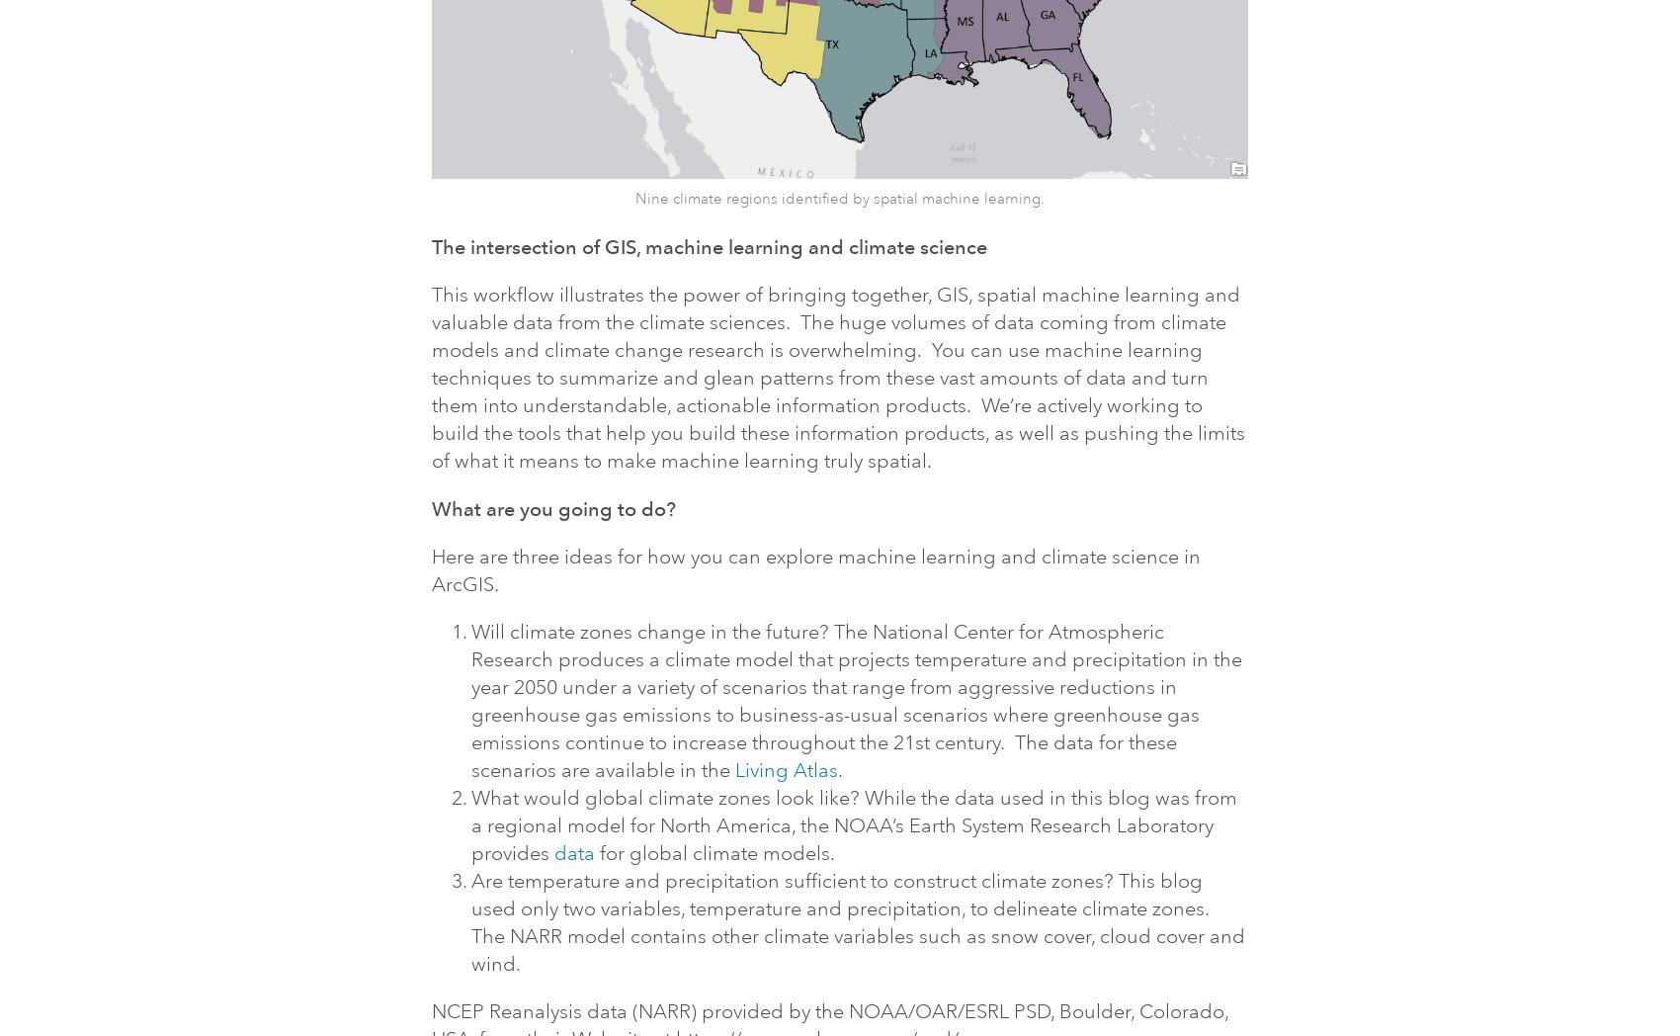  Describe the element at coordinates (837, 198) in the screenshot. I see `'Nine climate regions identified by spatial machine learning.'` at that location.